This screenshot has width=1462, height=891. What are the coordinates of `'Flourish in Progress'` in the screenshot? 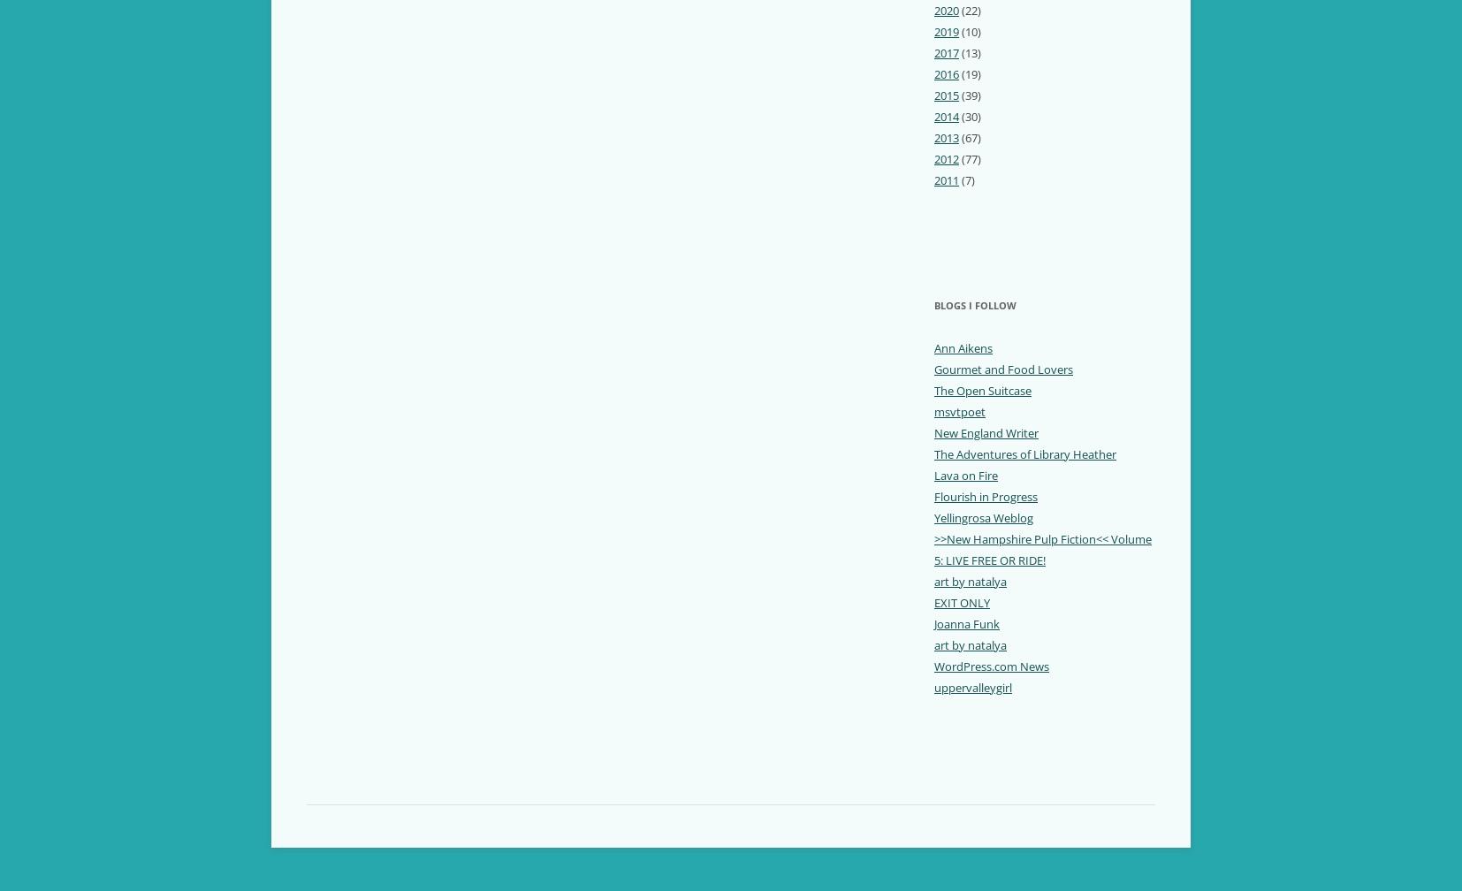 It's located at (985, 495).